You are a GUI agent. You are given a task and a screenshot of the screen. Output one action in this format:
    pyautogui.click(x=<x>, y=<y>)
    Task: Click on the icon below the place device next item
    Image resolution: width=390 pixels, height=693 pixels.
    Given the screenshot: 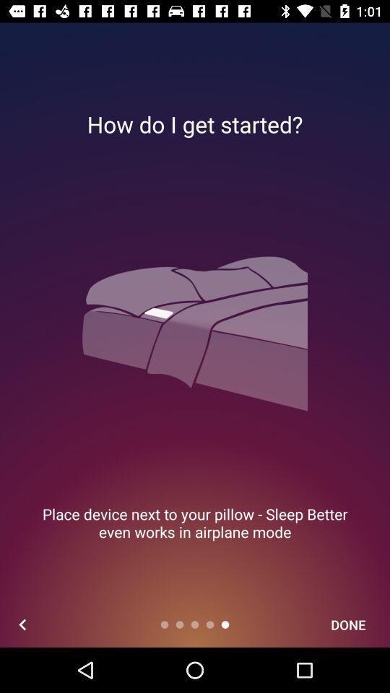 What is the action you would take?
    pyautogui.click(x=347, y=624)
    